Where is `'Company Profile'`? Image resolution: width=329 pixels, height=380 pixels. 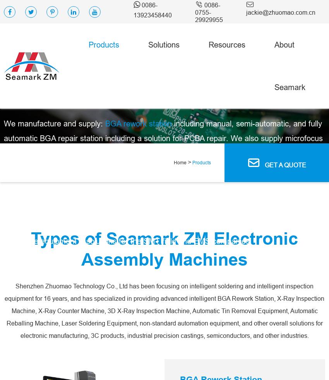
'Company Profile' is located at coordinates (301, 145).